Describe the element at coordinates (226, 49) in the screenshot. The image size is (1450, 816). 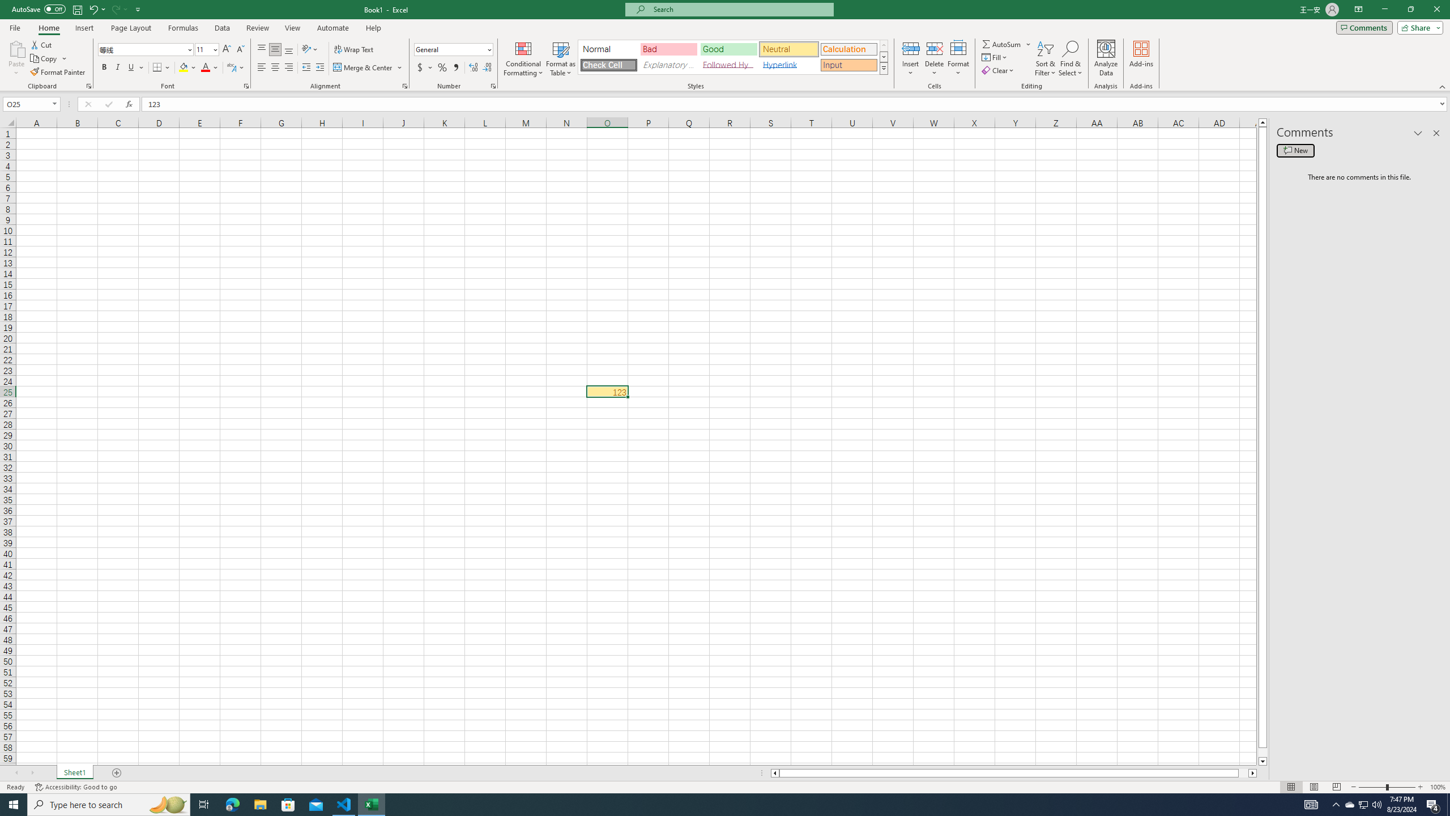
I see `'Increase Font Size'` at that location.